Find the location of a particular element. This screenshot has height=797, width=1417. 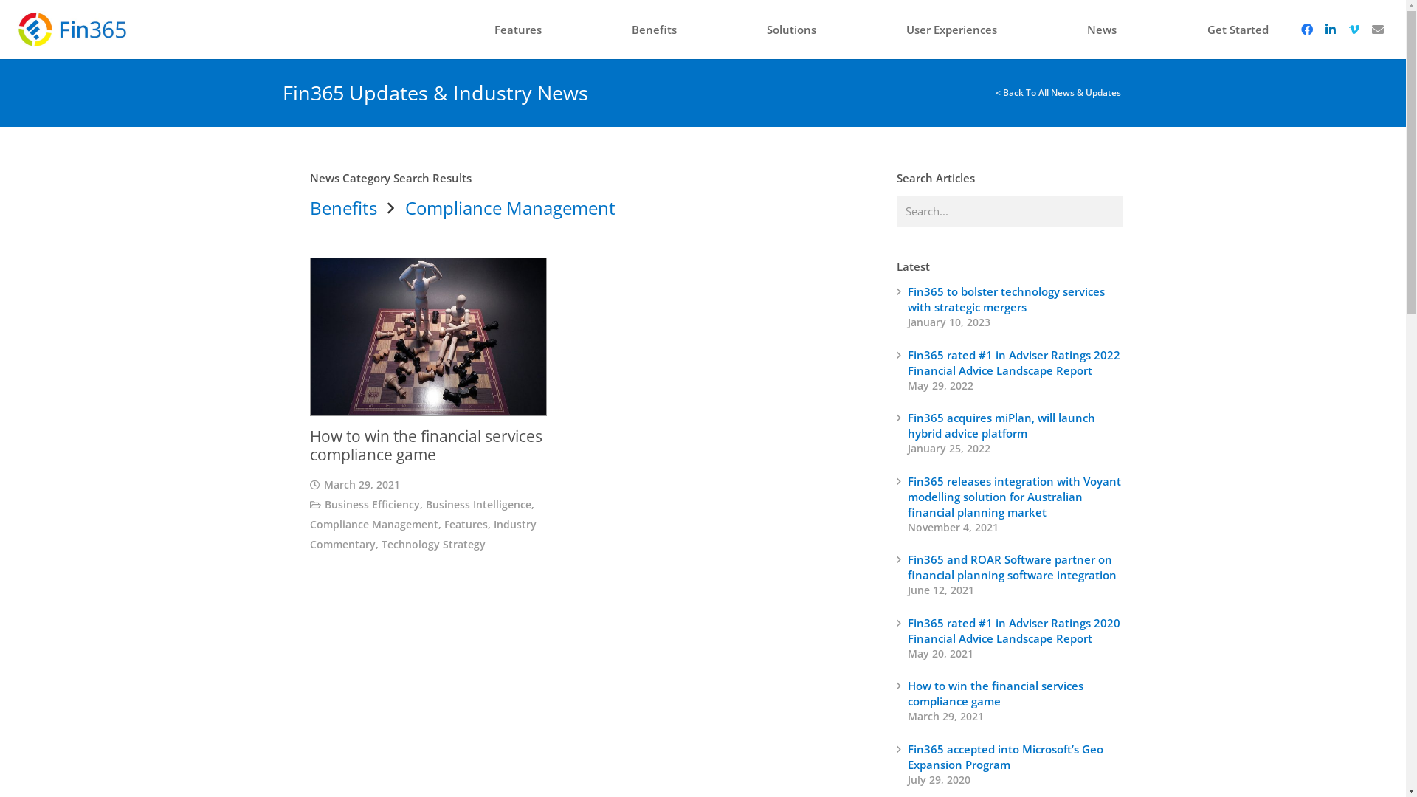

'< Back To All News & Updates ' is located at coordinates (1058, 92).